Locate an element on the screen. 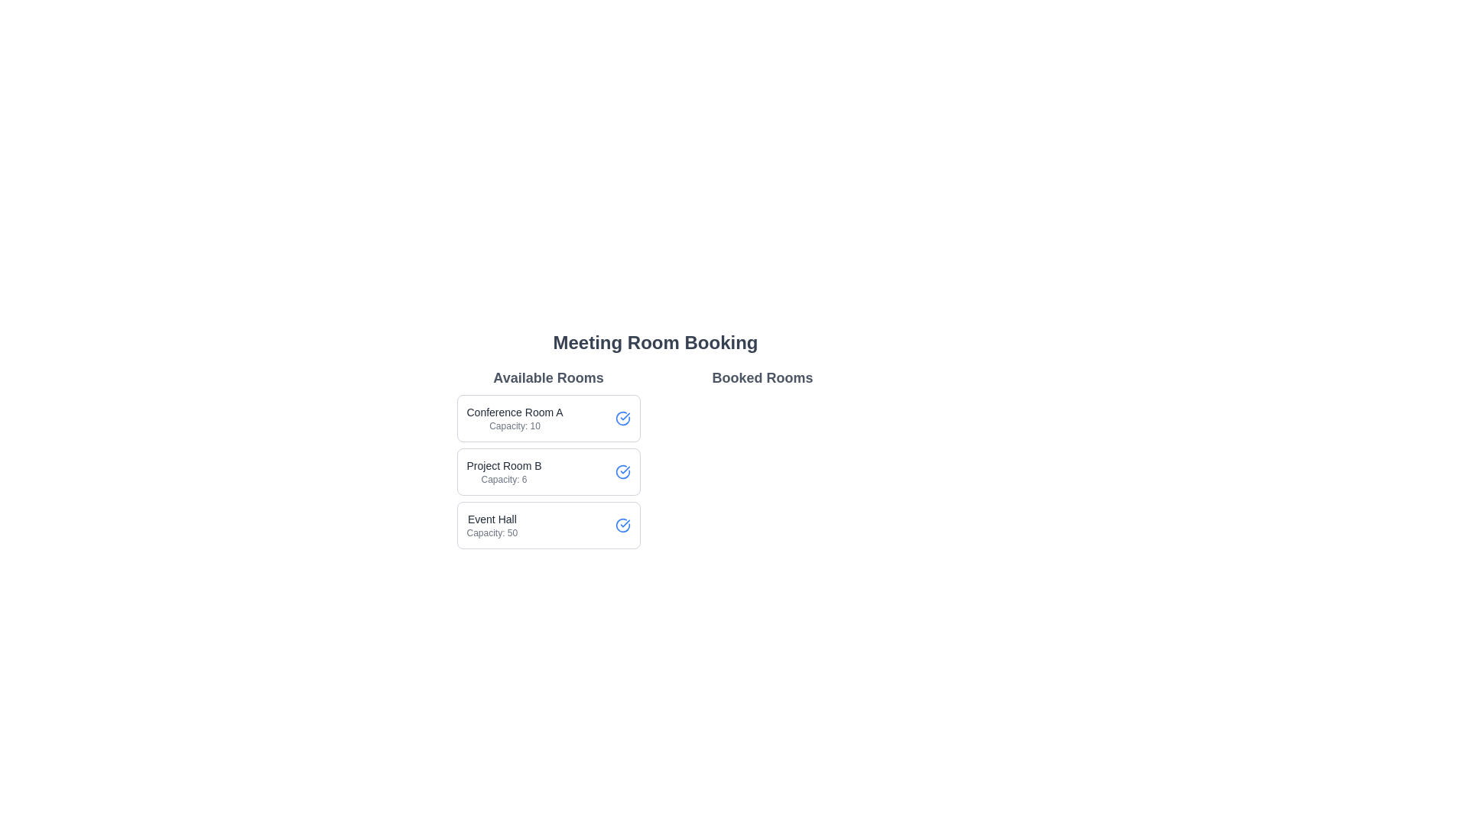 The image size is (1468, 825). the textual informational element that describes the available room, located in the 'Available Rooms' section, positioned below 'Conference Room A' and above 'Event Hall' is located at coordinates (504, 471).